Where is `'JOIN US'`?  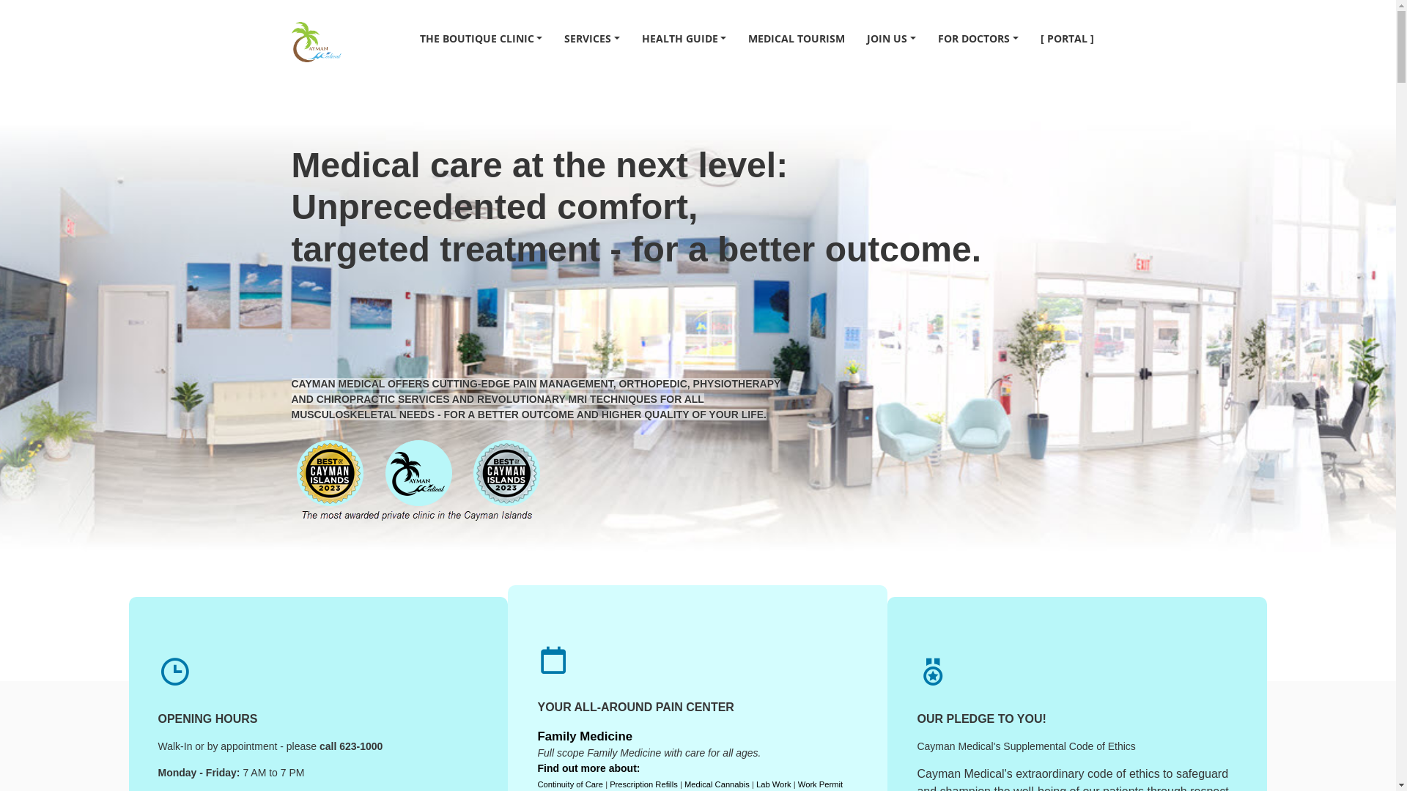 'JOIN US' is located at coordinates (855, 37).